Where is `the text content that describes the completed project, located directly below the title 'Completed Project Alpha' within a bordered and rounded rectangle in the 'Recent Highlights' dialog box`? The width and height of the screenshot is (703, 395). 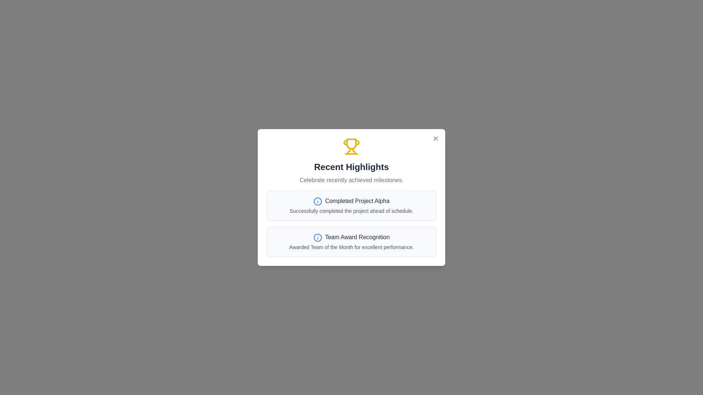 the text content that describes the completed project, located directly below the title 'Completed Project Alpha' within a bordered and rounded rectangle in the 'Recent Highlights' dialog box is located at coordinates (351, 211).